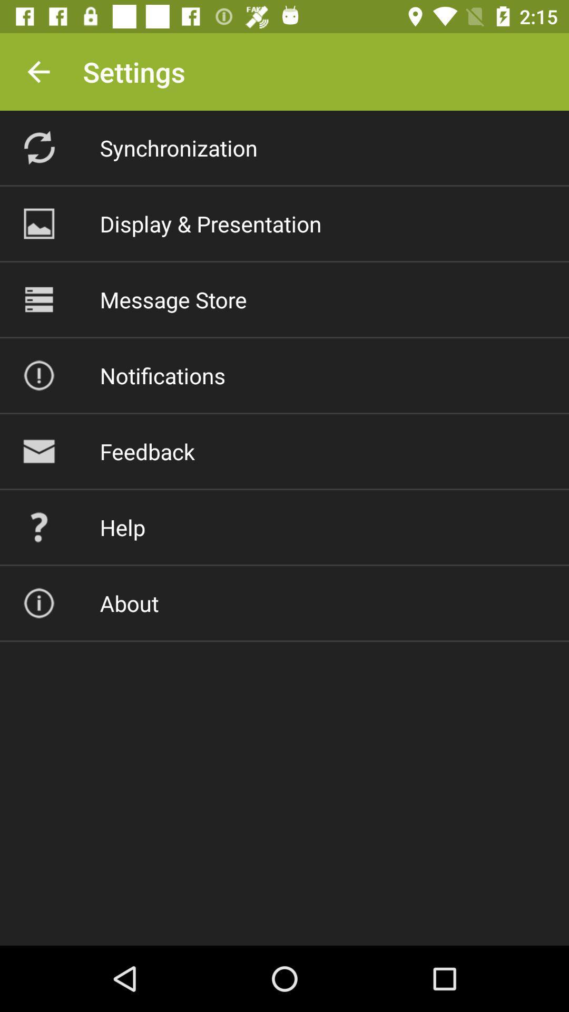  I want to click on icon above the notifications item, so click(173, 299).